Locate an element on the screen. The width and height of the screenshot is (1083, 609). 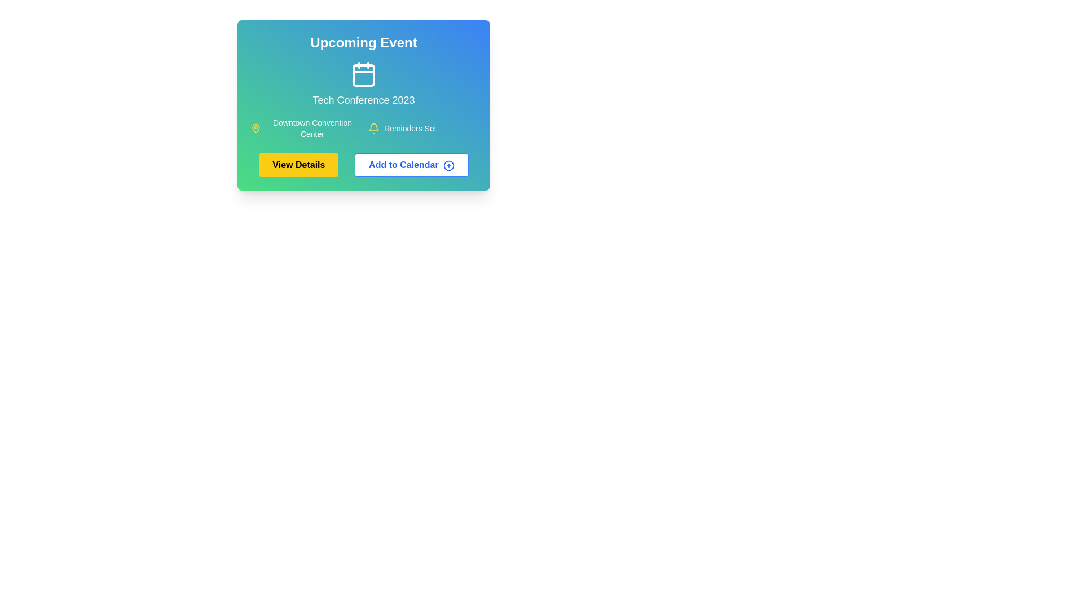
the add event icon located to the right of the 'Add to Calendar' text within the button at the bottom of the card UI section is located at coordinates (448, 165).